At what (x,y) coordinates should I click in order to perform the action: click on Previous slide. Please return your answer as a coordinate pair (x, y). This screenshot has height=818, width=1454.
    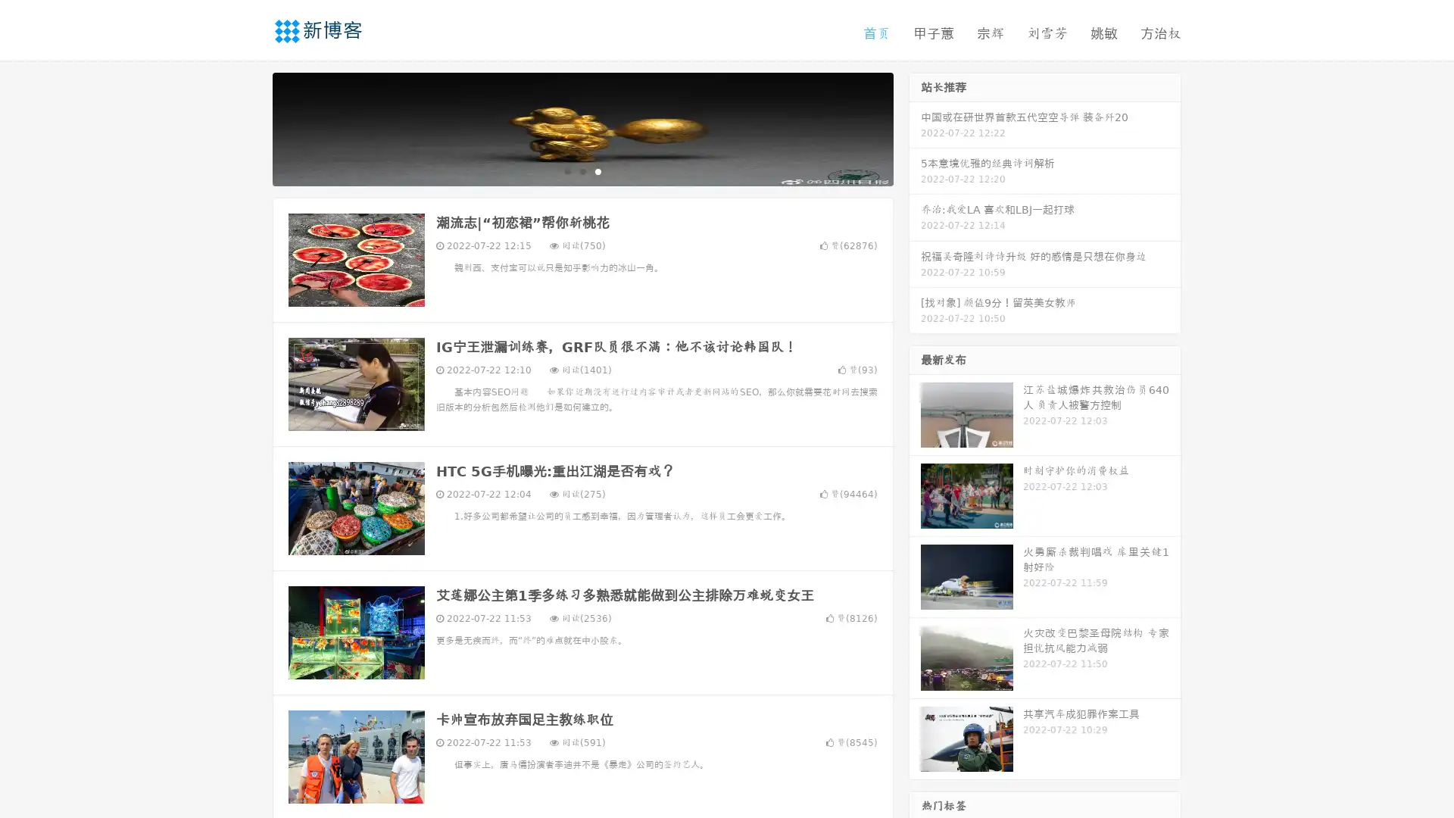
    Looking at the image, I should click on (250, 127).